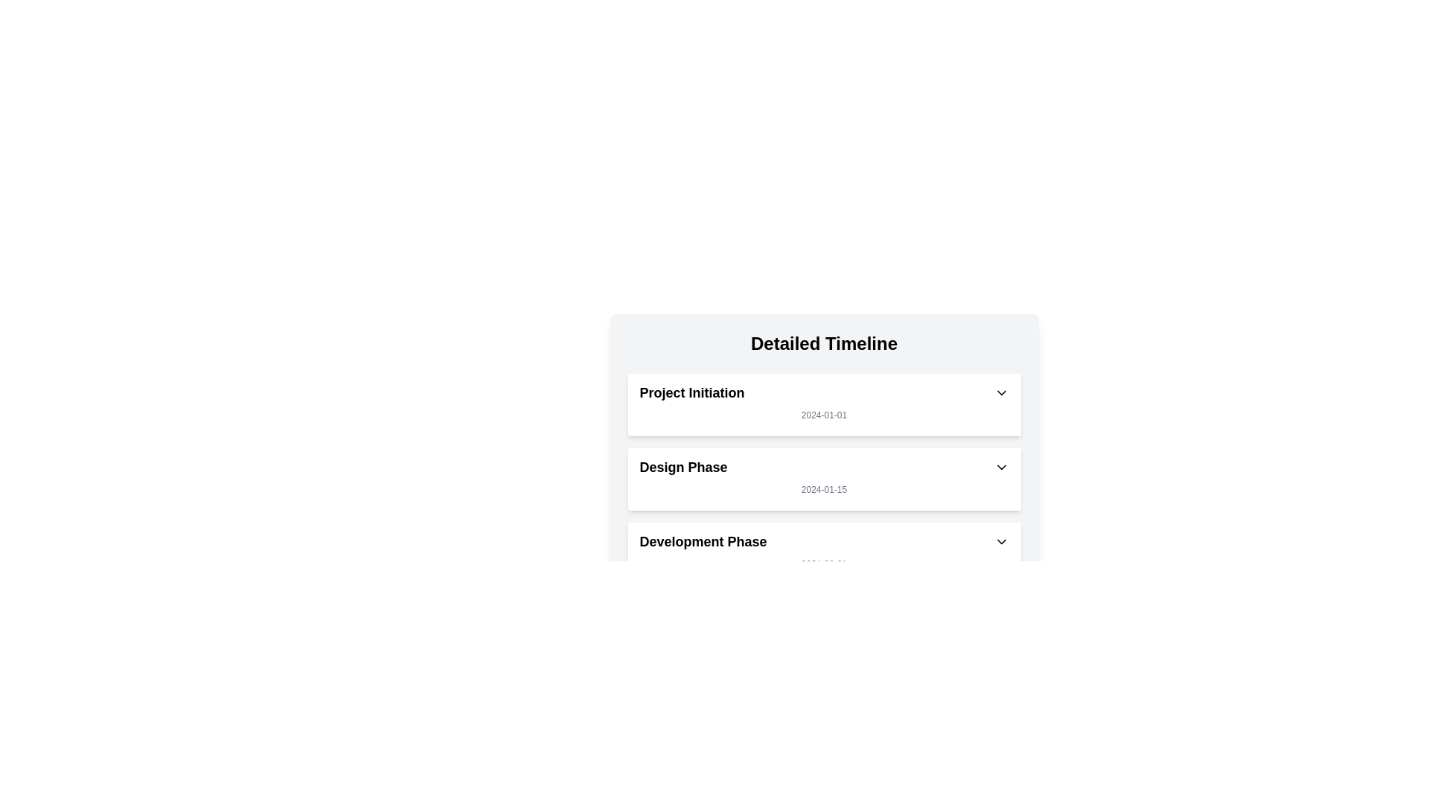 This screenshot has height=804, width=1429. I want to click on the 'Detailed Timeline' header label, which is styled with bold, 2xl-sized text and is centrally aligned at the top of its section, so click(823, 344).